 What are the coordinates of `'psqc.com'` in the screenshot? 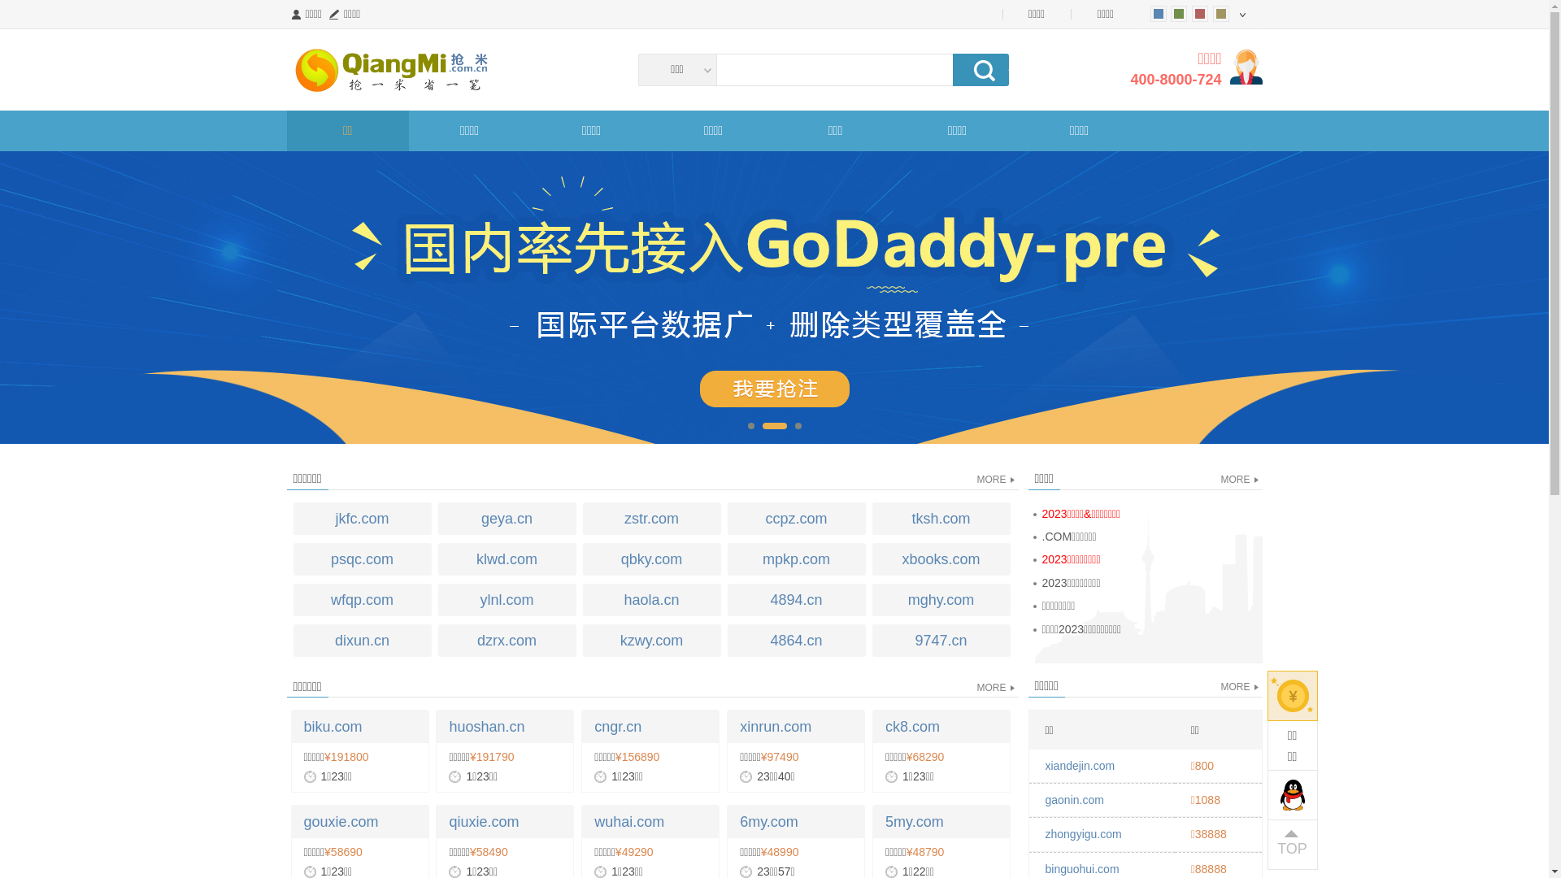 It's located at (361, 558).